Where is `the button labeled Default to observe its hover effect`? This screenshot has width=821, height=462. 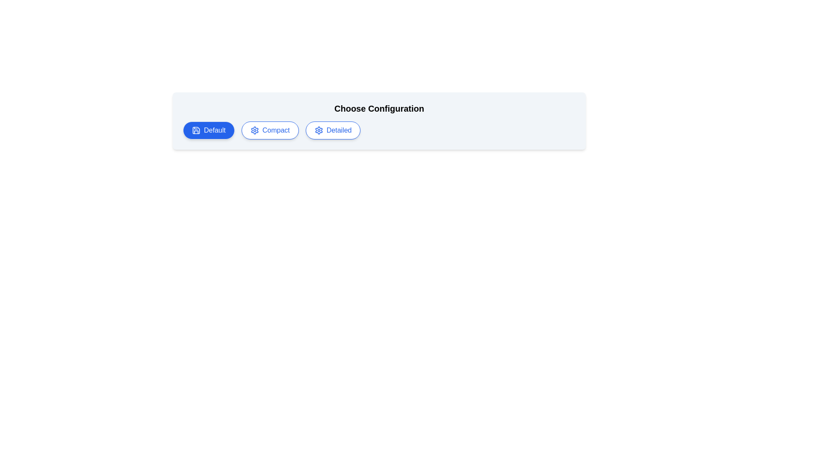 the button labeled Default to observe its hover effect is located at coordinates (209, 130).